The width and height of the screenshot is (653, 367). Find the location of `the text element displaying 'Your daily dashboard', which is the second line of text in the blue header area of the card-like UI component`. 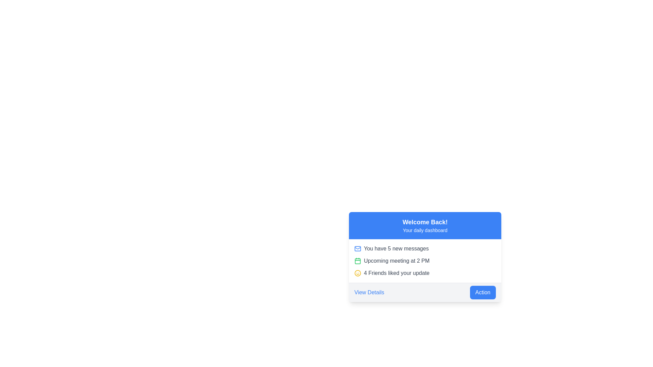

the text element displaying 'Your daily dashboard', which is the second line of text in the blue header area of the card-like UI component is located at coordinates (424, 230).